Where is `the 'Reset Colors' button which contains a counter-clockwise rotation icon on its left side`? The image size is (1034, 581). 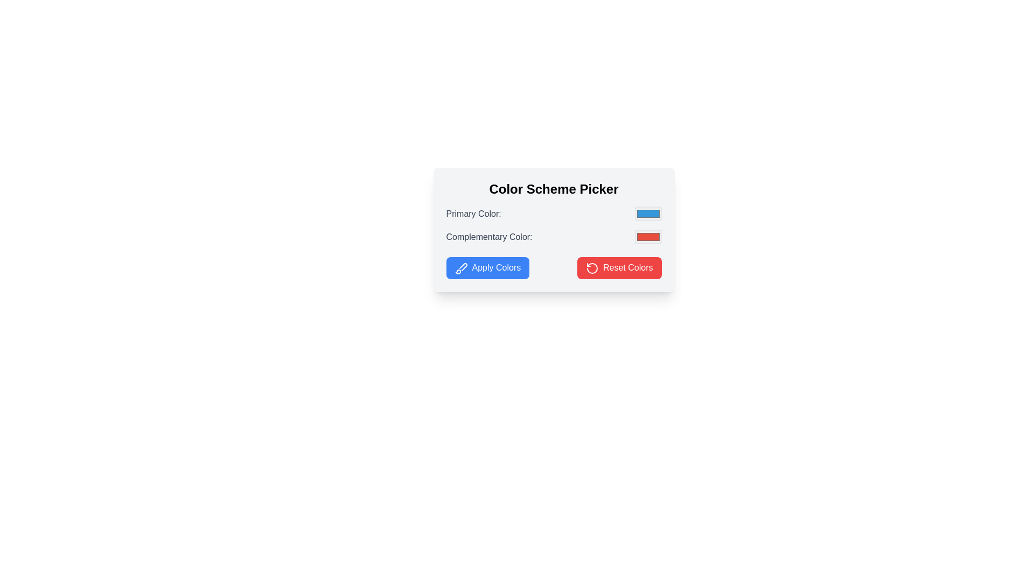
the 'Reset Colors' button which contains a counter-clockwise rotation icon on its left side is located at coordinates (591, 267).